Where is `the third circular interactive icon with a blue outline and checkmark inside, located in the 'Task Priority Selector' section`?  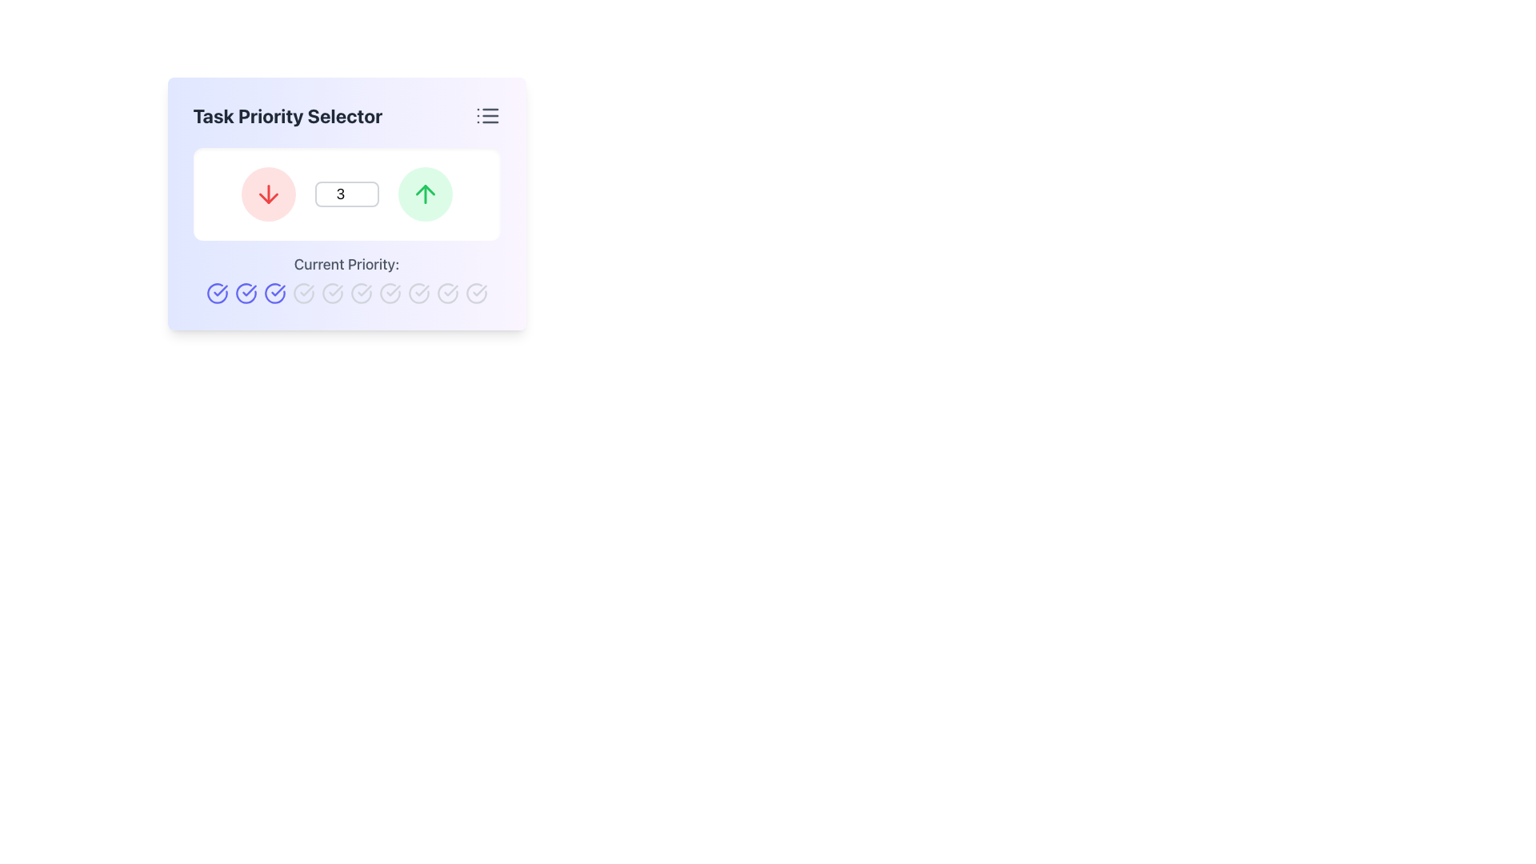
the third circular interactive icon with a blue outline and checkmark inside, located in the 'Task Priority Selector' section is located at coordinates (245, 293).